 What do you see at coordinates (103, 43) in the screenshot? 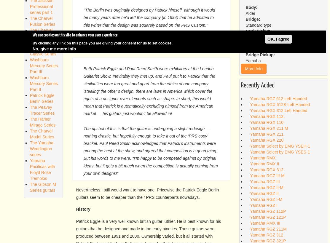
I see `'By clicking any link on this page you are giving your consent for us to set cookies.'` at bounding box center [103, 43].